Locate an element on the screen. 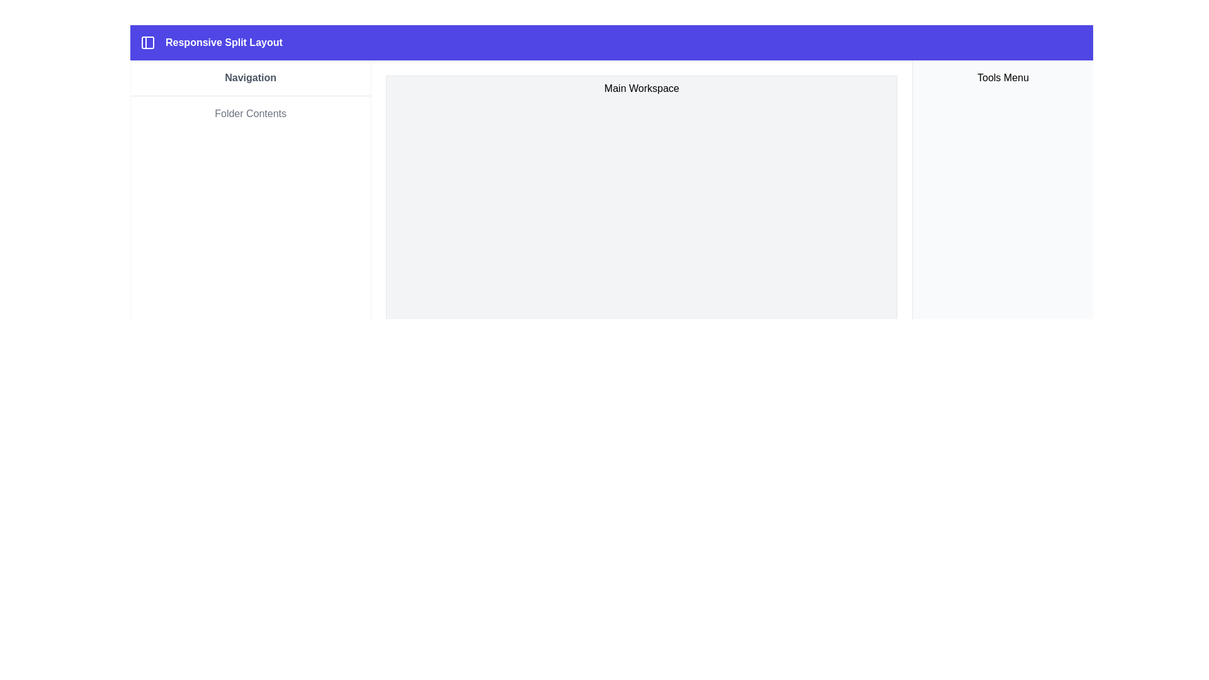 The image size is (1209, 680). the Static Text Label located below the 'Navigation' heading in the left-hand navigation panel, which serves as a non-interactive heading or label is located at coordinates (251, 114).